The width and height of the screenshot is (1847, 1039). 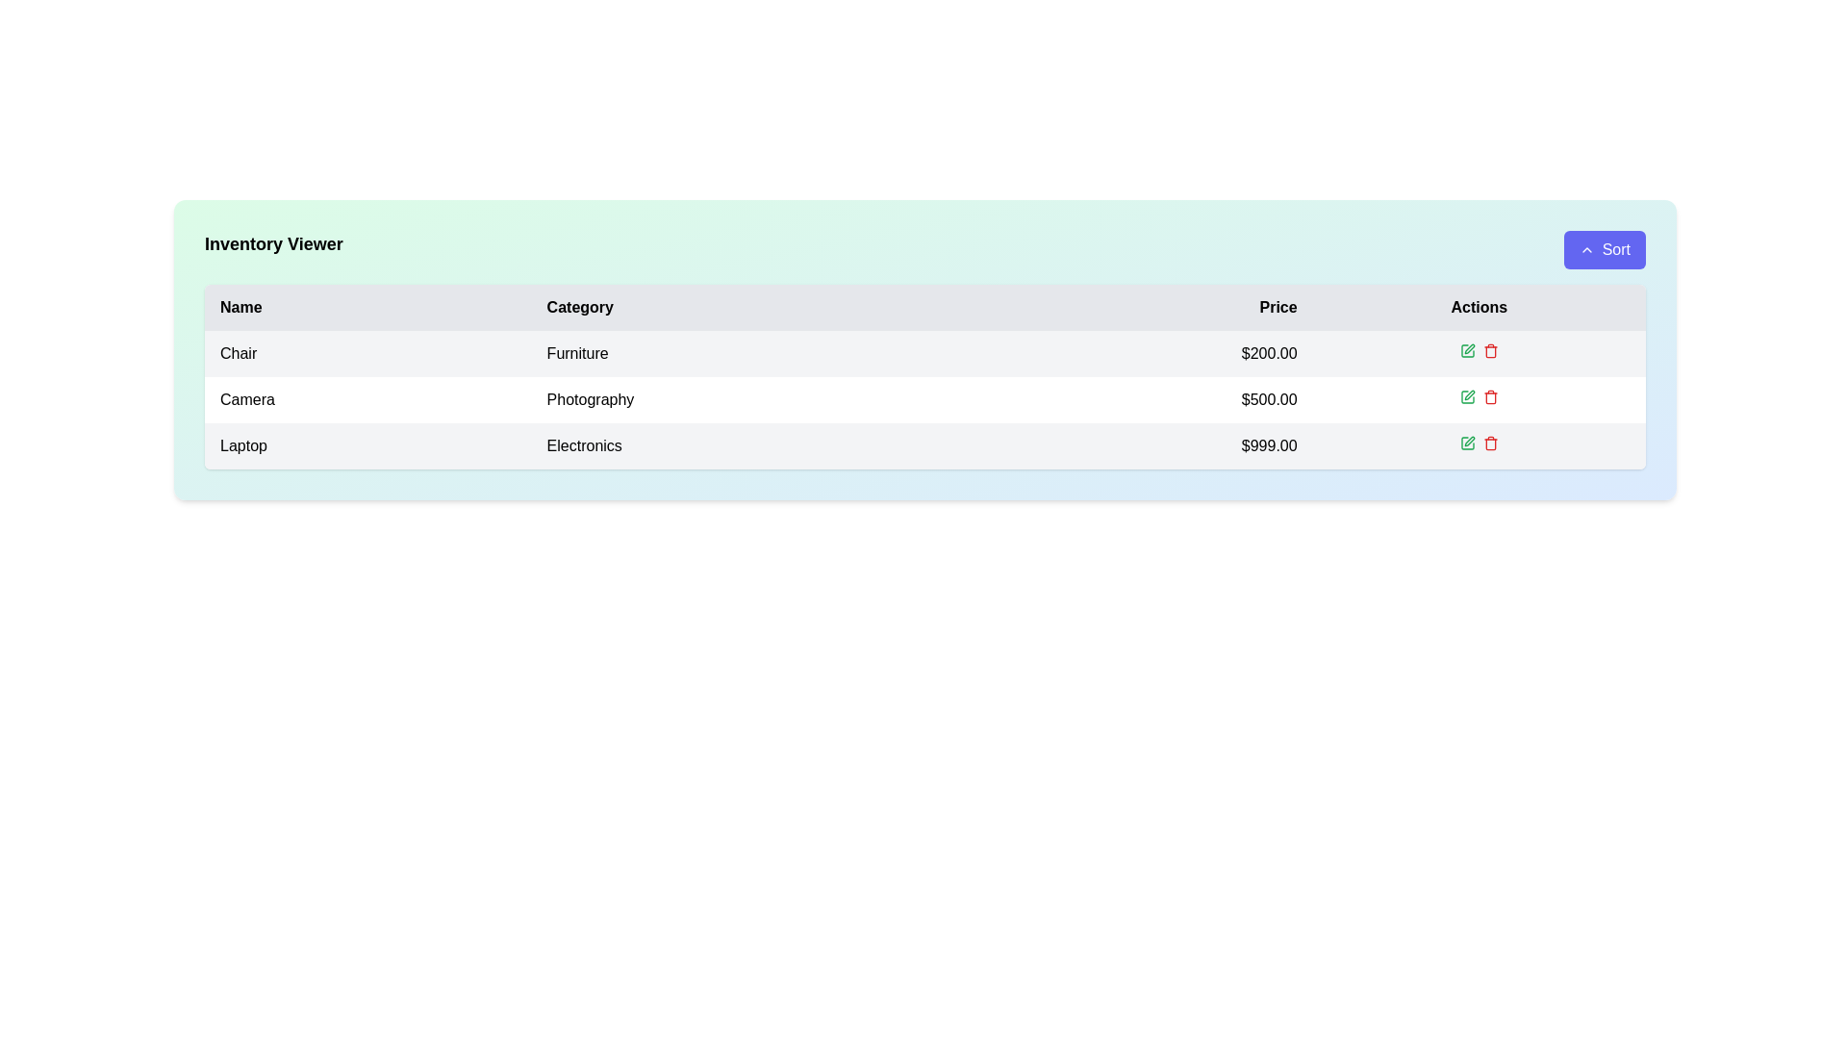 I want to click on the upwards chevron icon inside the 'Sort' button in the top-right corner, so click(x=1586, y=248).